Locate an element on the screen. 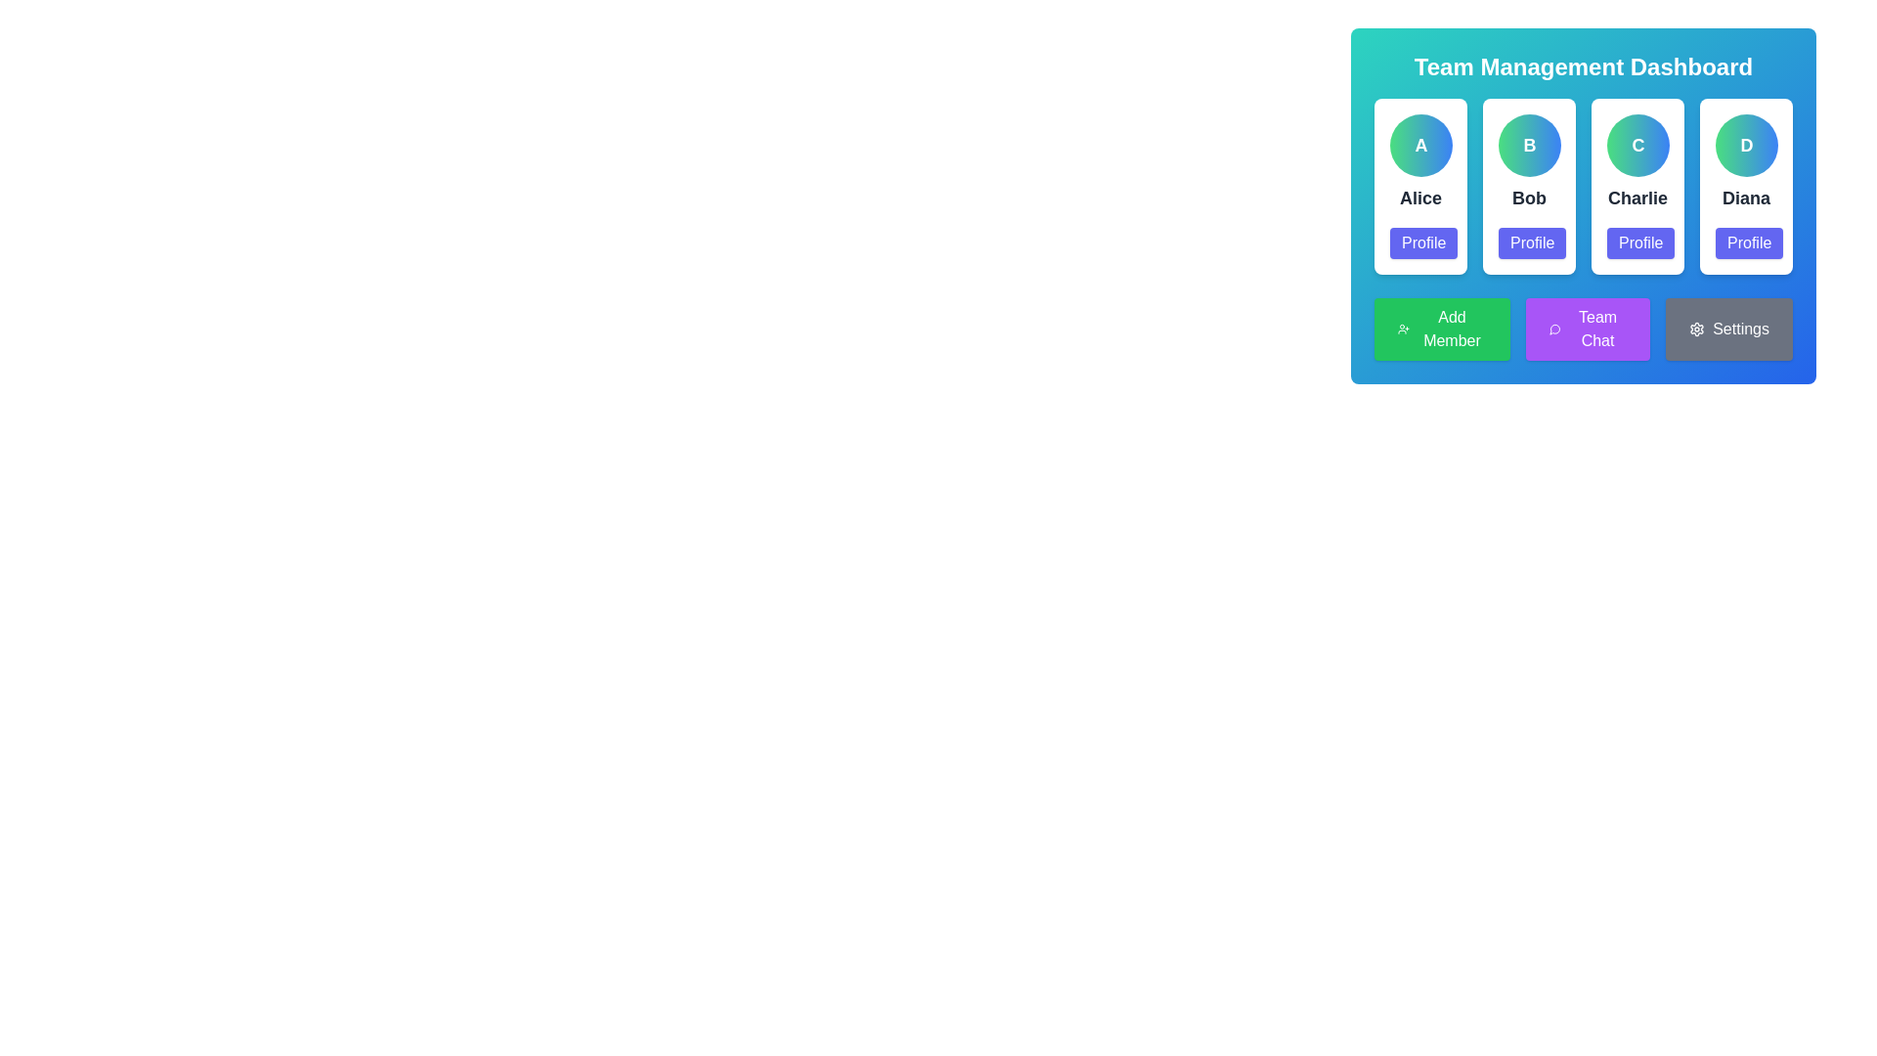 This screenshot has width=1877, height=1056. the 'Profile' button for user 'Alice', which is a rectangular button with a blue background and rounded corners, to observe the hover effect is located at coordinates (1423, 242).